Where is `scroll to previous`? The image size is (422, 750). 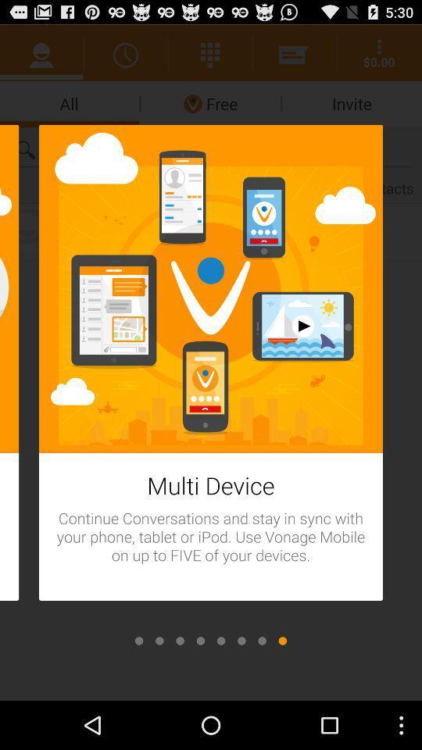 scroll to previous is located at coordinates (200, 641).